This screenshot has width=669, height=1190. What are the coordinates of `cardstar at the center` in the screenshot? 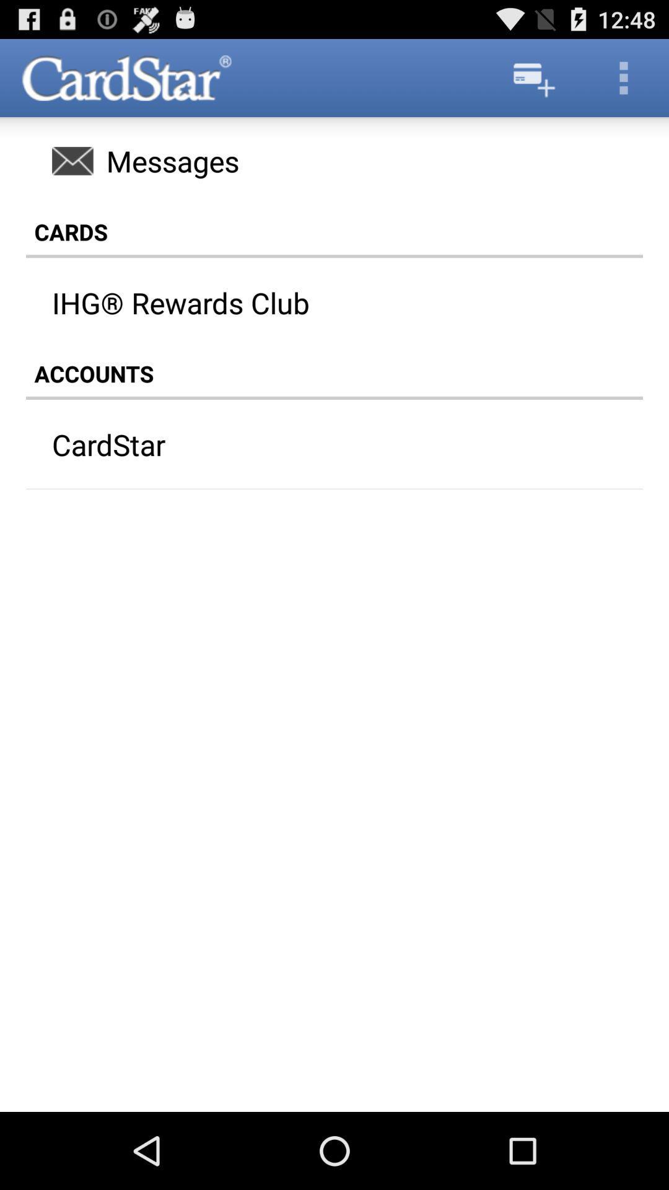 It's located at (310, 444).